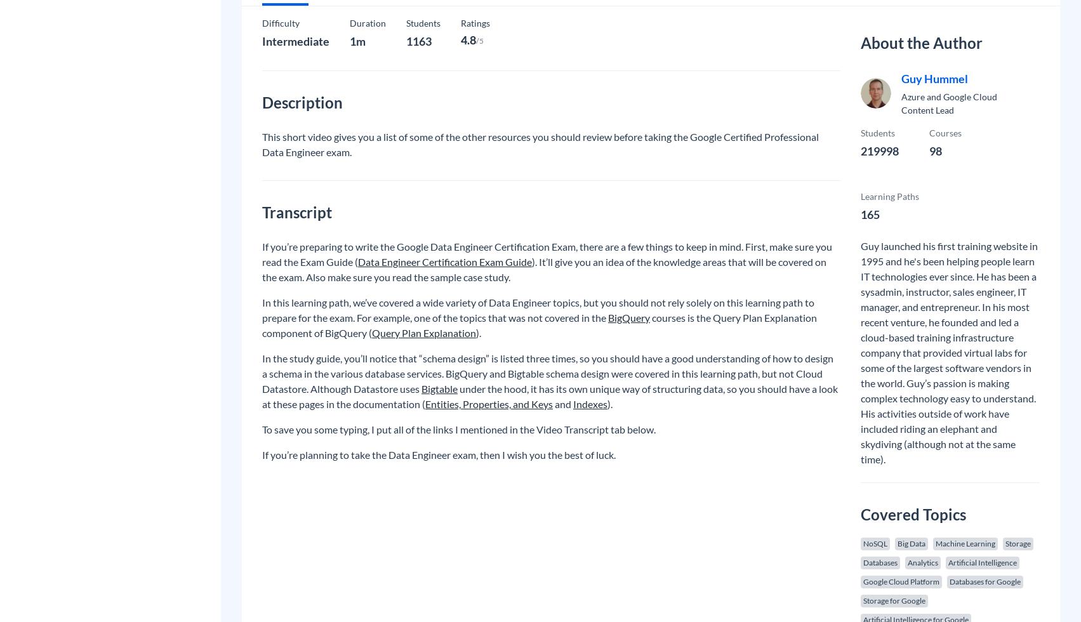 Image resolution: width=1081 pixels, height=622 pixels. I want to click on 'In the study guide, you’ll notice that “schema design” is listed three times, so you should have a good understanding of how to design a schema in the various database services. BigQuery and Bigtable schema design were covered in this learning path, but not Cloud Datastore. Although Datastore uses', so click(547, 373).